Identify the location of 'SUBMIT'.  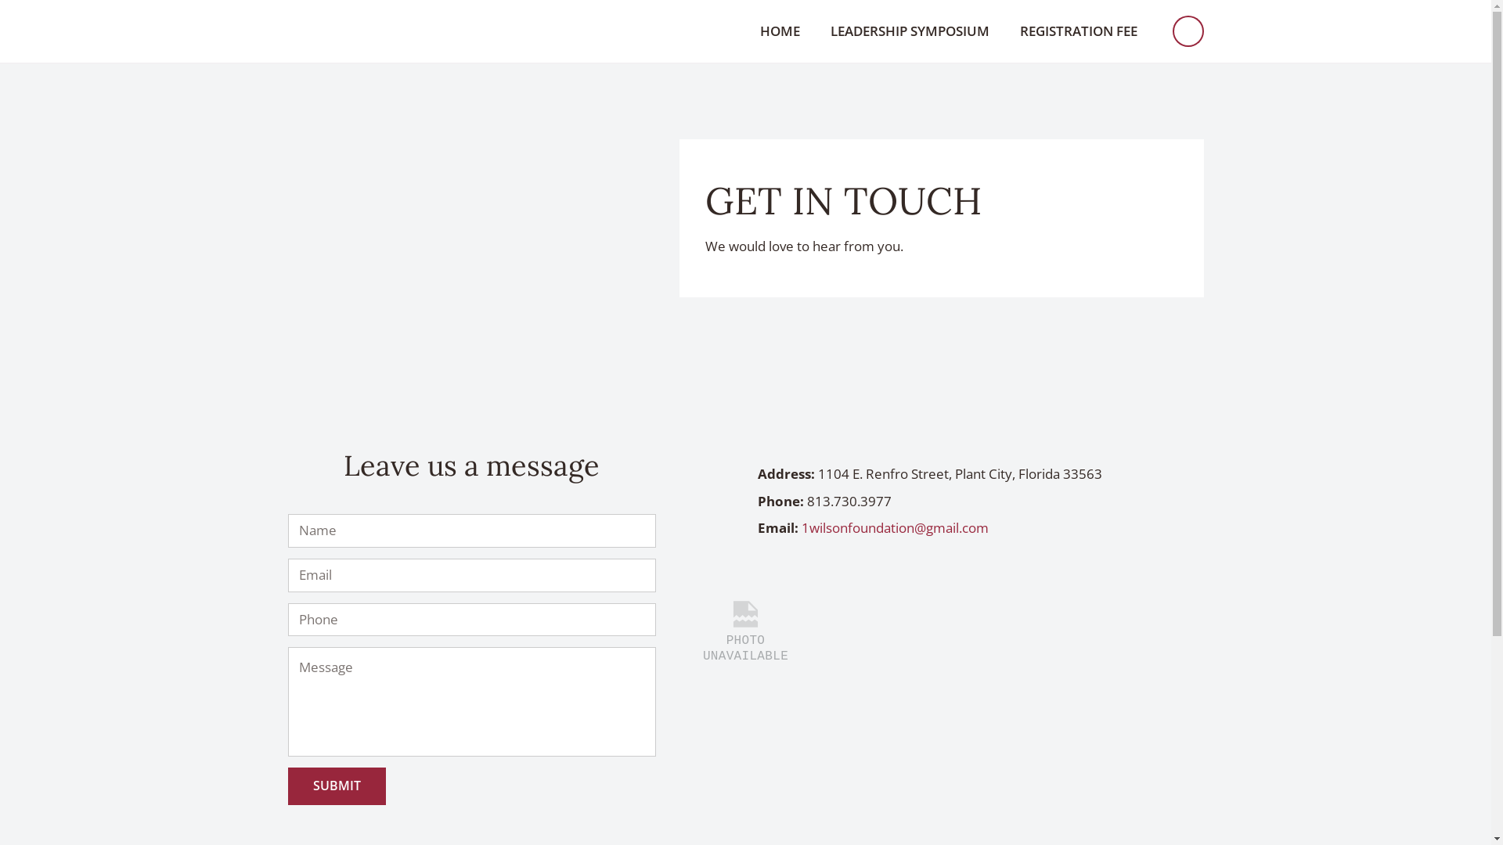
(336, 786).